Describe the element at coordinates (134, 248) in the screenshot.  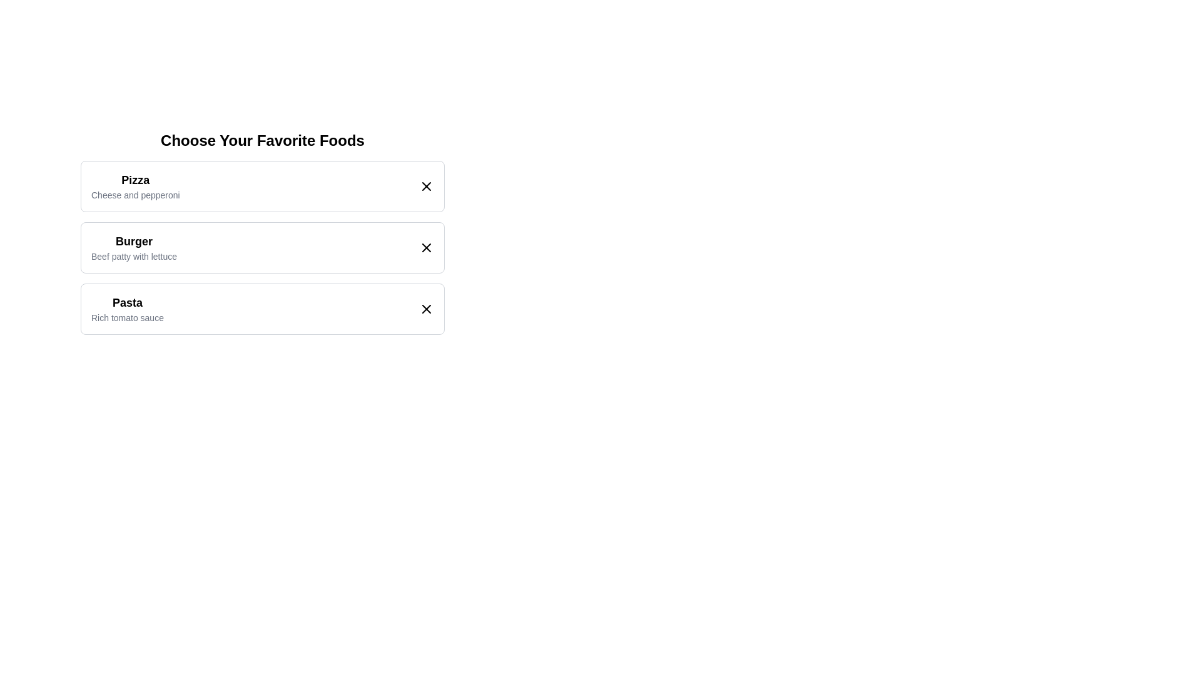
I see `on the selectable menu item labeled 'Burger' which describes 'Beef patty with lettuce' for extended interactions` at that location.